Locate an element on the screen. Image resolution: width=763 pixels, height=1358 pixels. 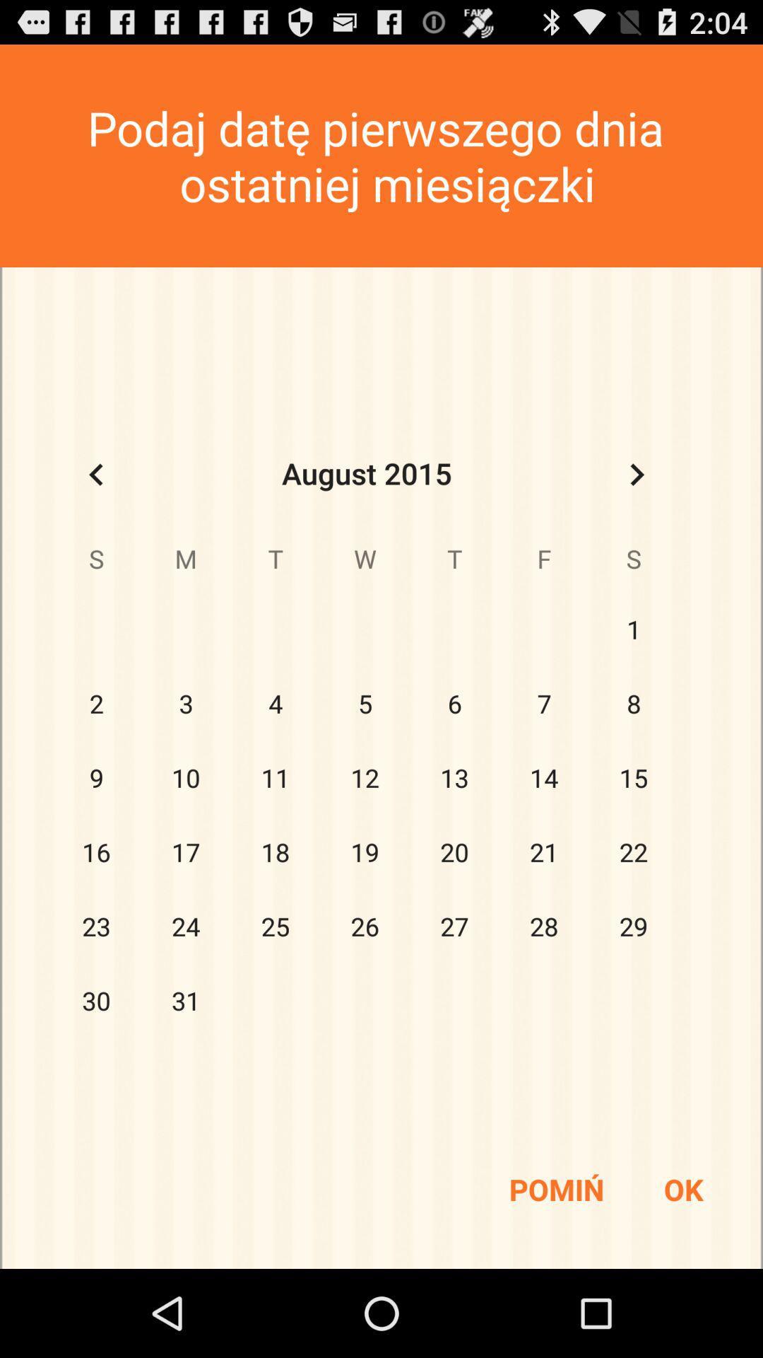
the arrow_backward icon is located at coordinates (95, 508).